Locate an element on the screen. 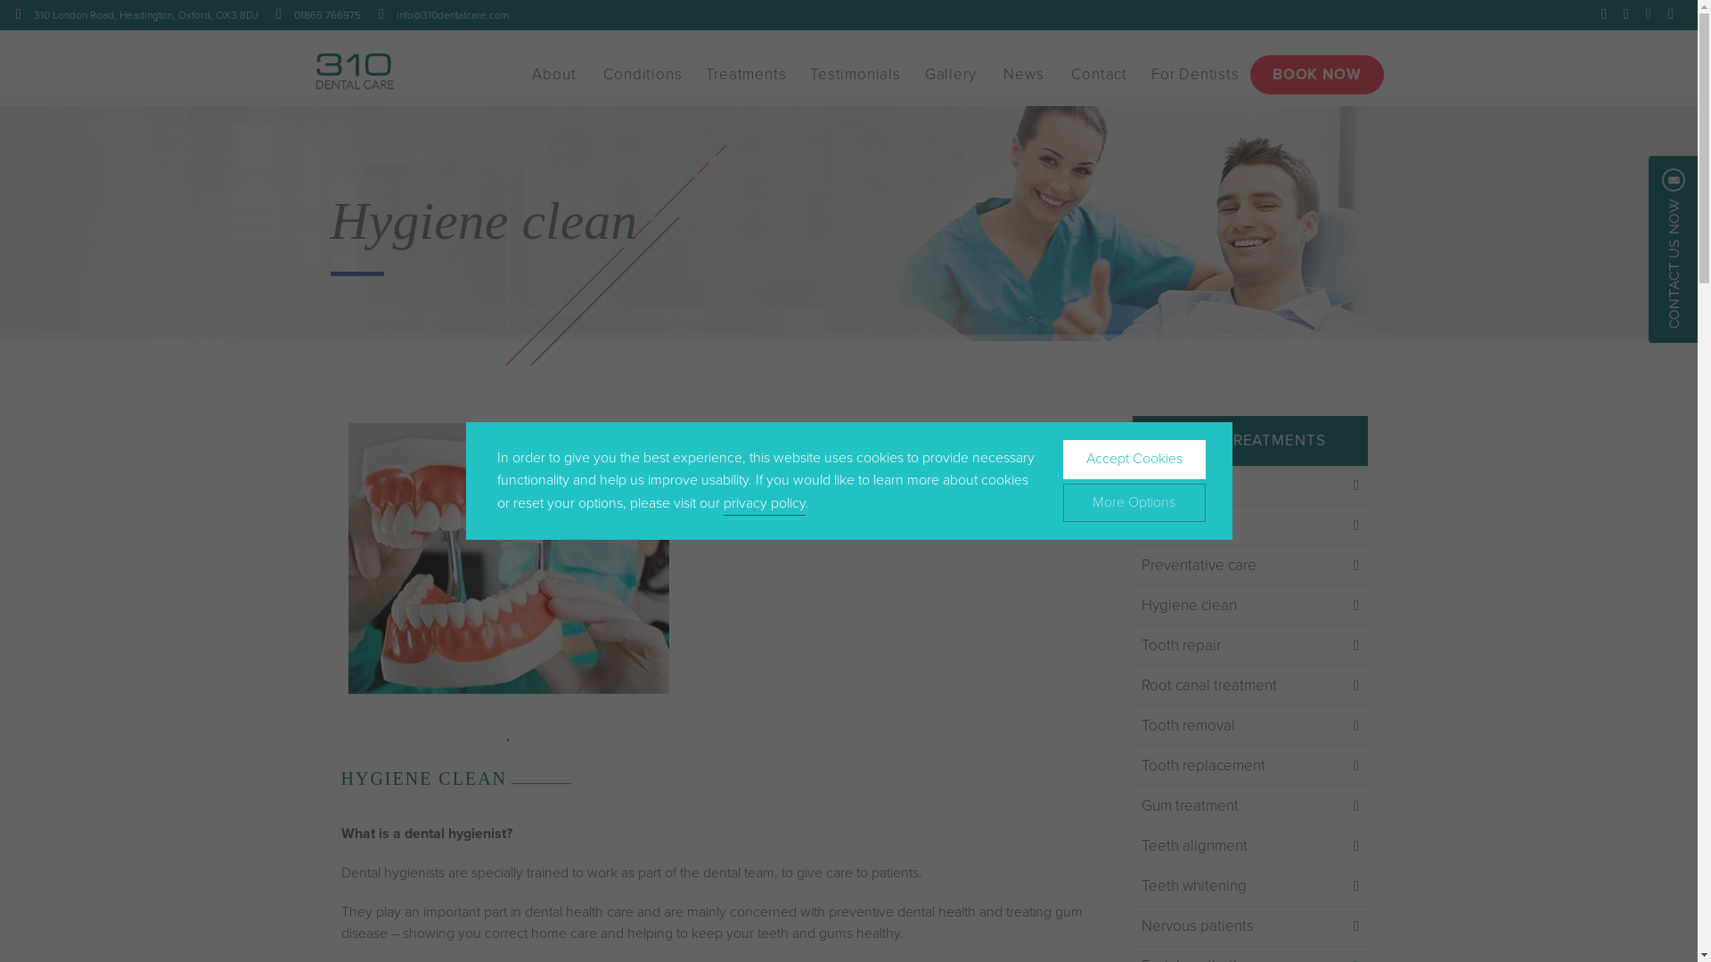 The image size is (1711, 962). 'Nervous patients' is located at coordinates (1248, 925).